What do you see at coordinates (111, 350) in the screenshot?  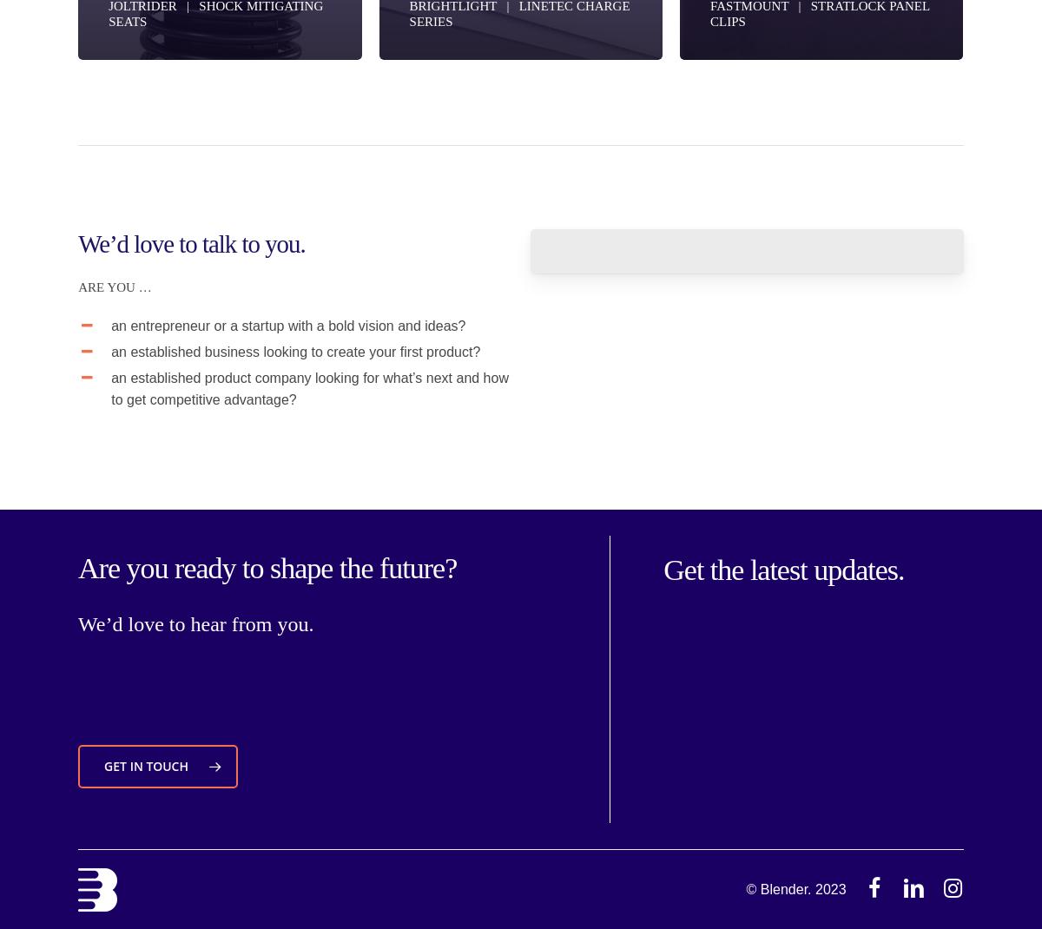 I see `'an established business looking to create your first product?'` at bounding box center [111, 350].